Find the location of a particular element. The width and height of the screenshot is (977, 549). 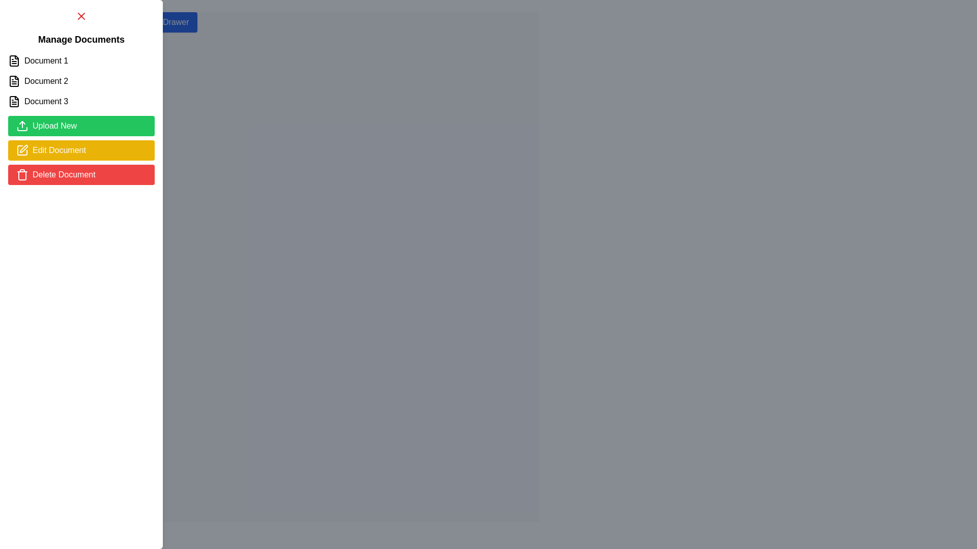

the 'Upload New' button which contains a green upward arrow SVG icon is located at coordinates (22, 125).